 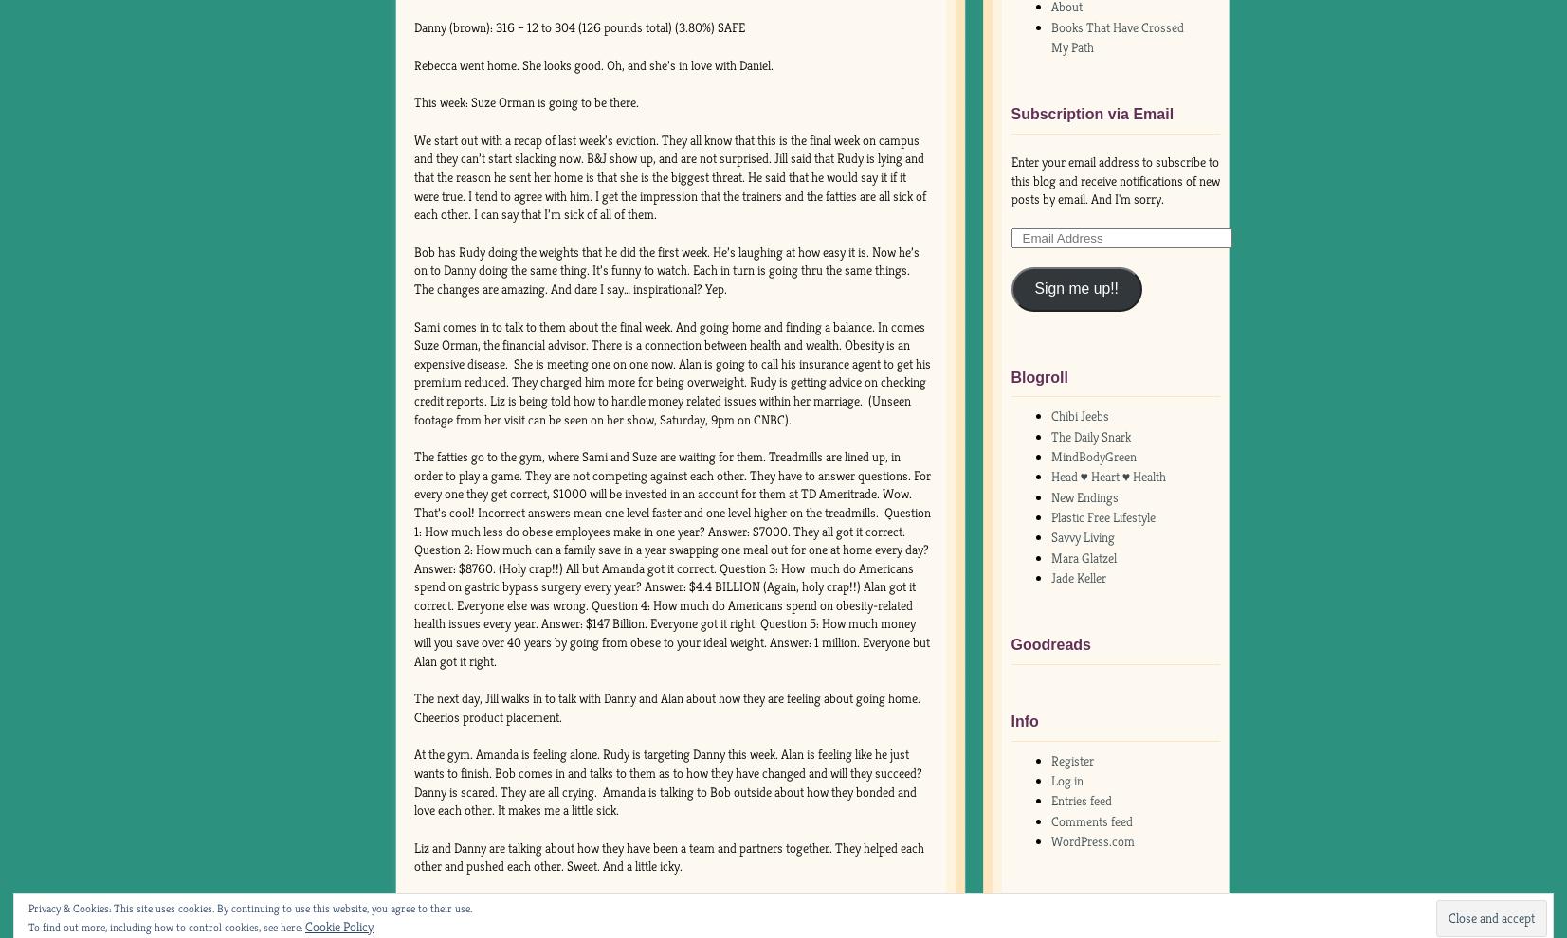 I want to click on 'The fatties go to the gym, where Sami and Suze are waiting for them. Treadmills are lined up, in order to play a game. They are not competing against each other. They have to answer questions. For every one they get correct, $1000 will be invested in an account for them at TD Ameritrade. Wow. That’s cool! Incorrect answers mean one level faster and one level higher on the treadmills.  Question 1: How much less do obese employees make in one year? Answer: $7000. They all got it correct.  Question 2: How much can a family save in a year swapping one meal out for one at home every day? Answer: $8760. (Holy crap!!) All but Amanda got it correct. Question 3: How  much do Americans spend on gastric bypass surgery every year? Answer: $4.4 BILLION (Again, holy crap!!) Alan got it correct. Everyone else was wrong. Question 4: How much do Americans spend on obesity-related health issues every year. Answer: $147 Billion. Everyone got it right. Question 5: How much money will you save over 40 years by going from obese to your ideal weight. Answer: 1 million. Everyone but Alan got it right.', so click(x=412, y=558).